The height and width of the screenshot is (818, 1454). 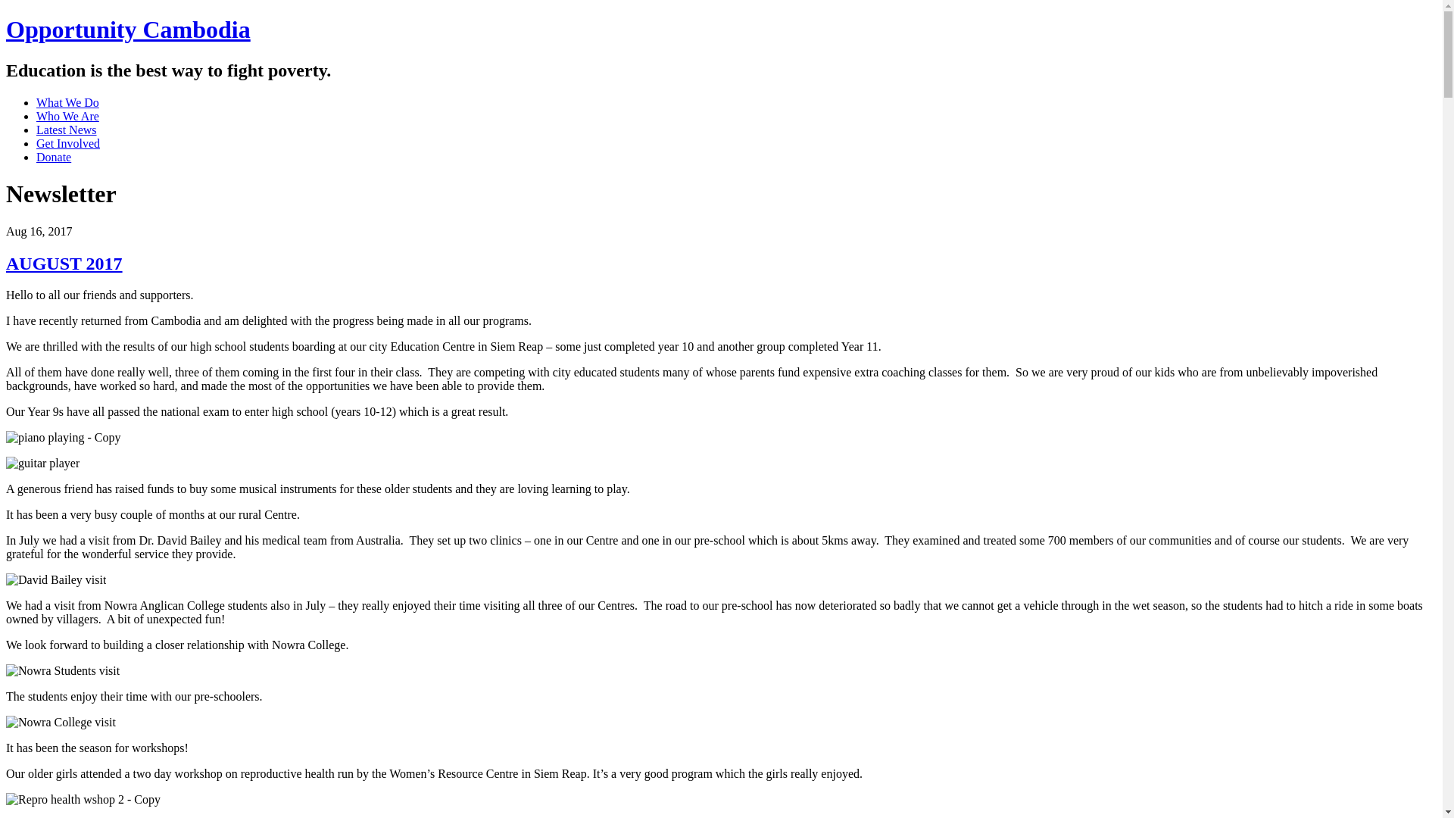 What do you see at coordinates (67, 143) in the screenshot?
I see `'Get Involved'` at bounding box center [67, 143].